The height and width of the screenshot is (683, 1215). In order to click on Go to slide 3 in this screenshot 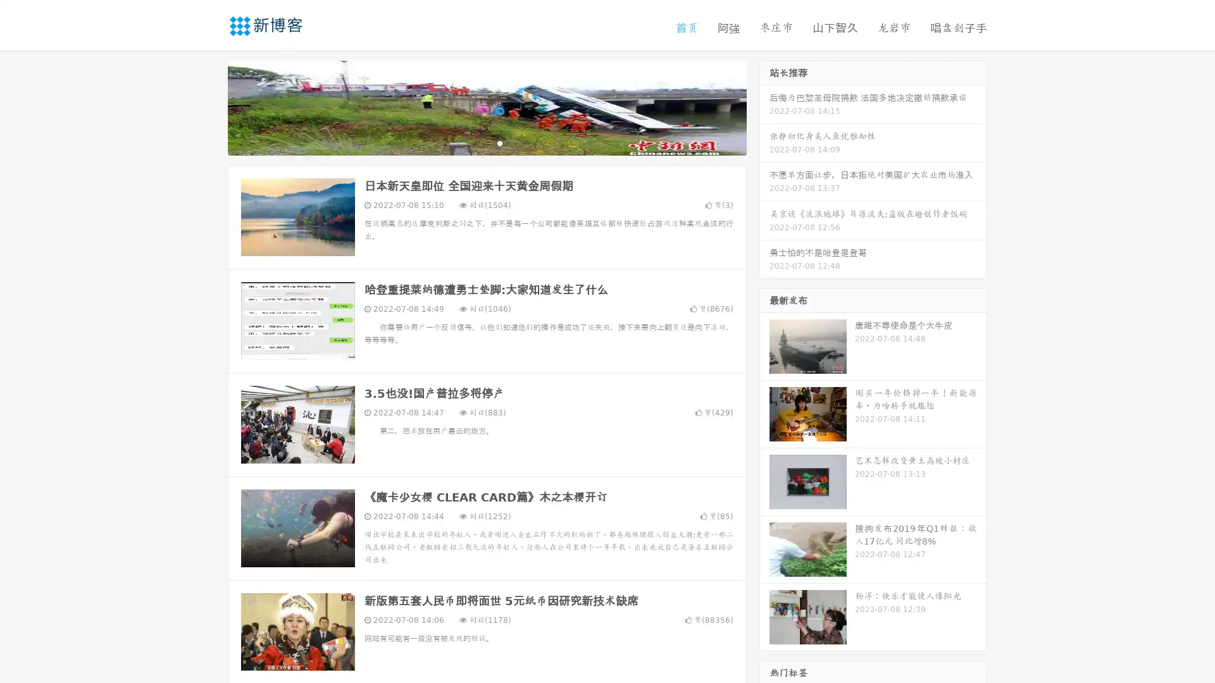, I will do `click(499, 142)`.